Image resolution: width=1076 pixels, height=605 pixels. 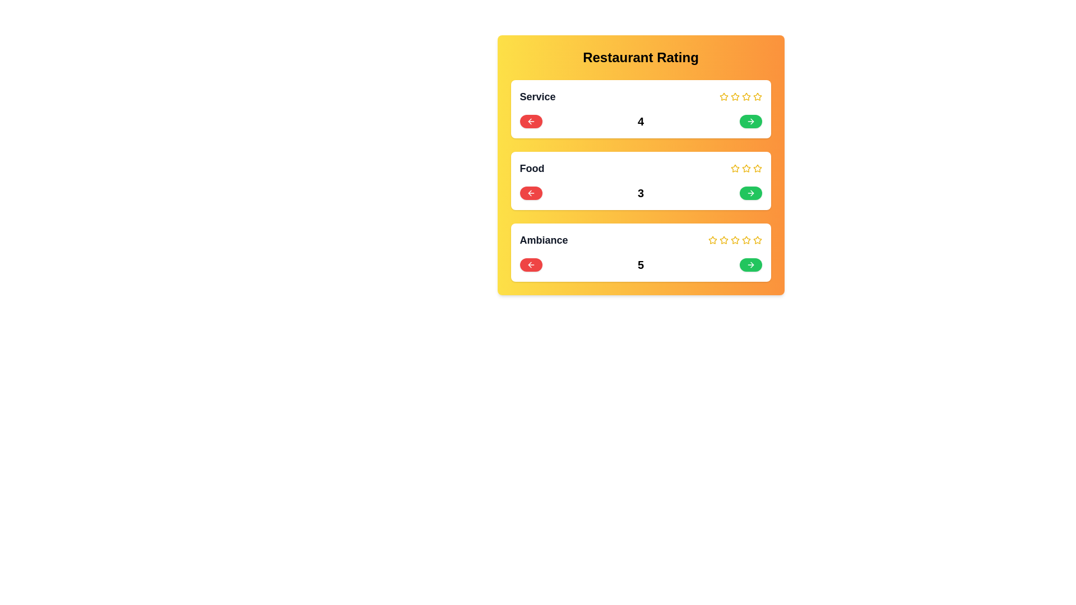 I want to click on the third star icon in the 5-star rating system for the 'Food' category, so click(x=745, y=168).